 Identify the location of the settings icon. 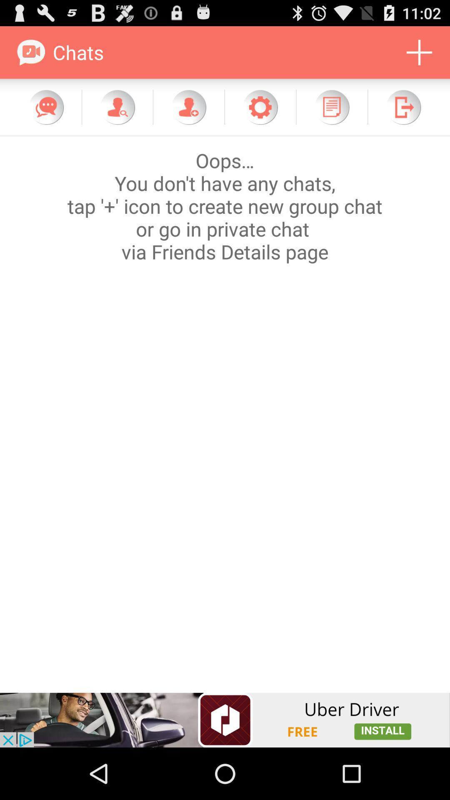
(260, 114).